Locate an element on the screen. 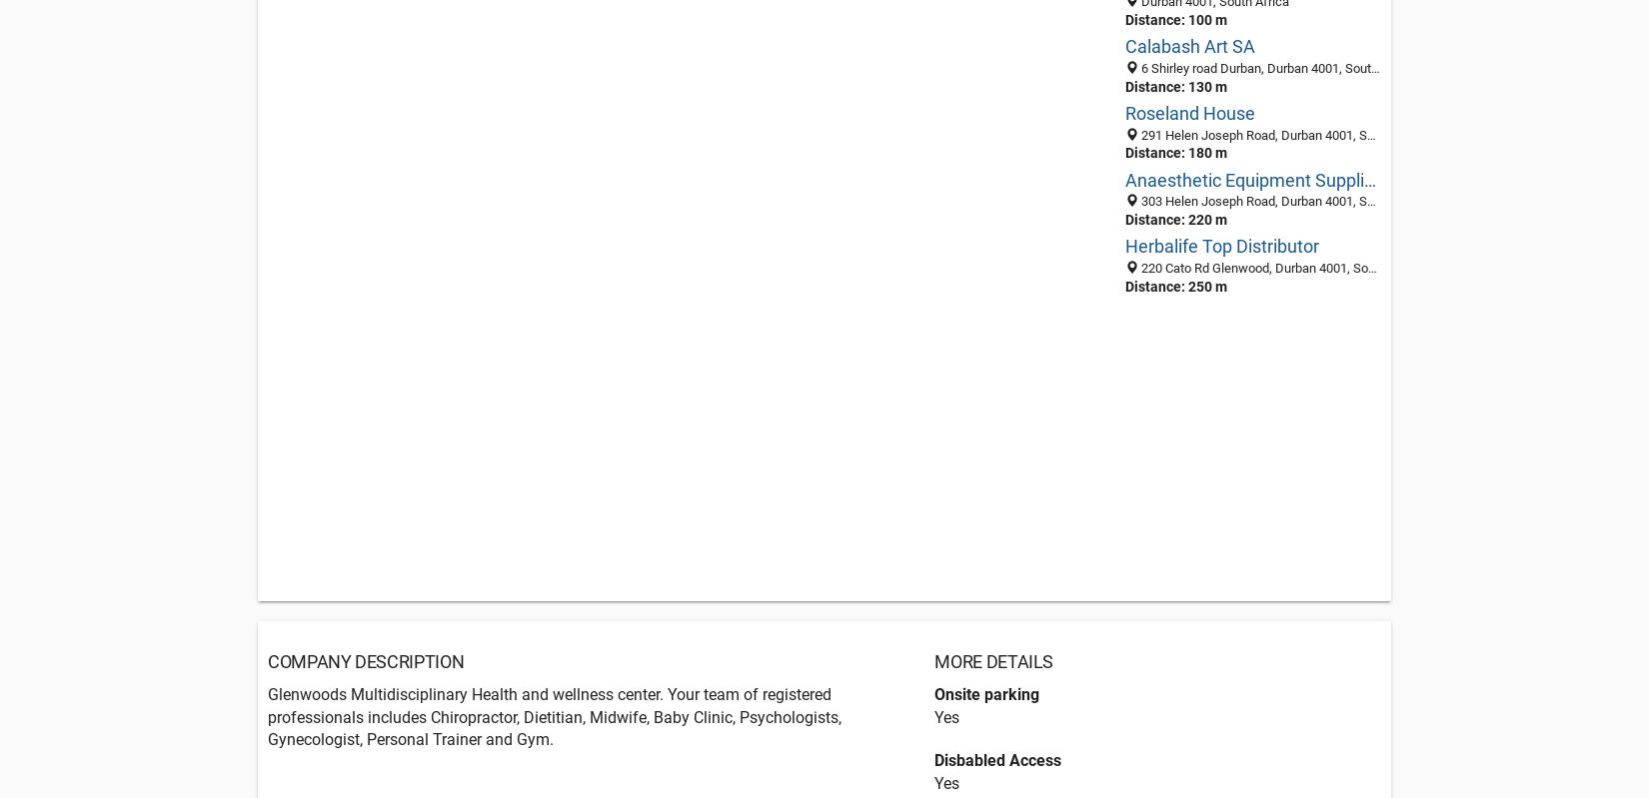  'Onsite parking' is located at coordinates (986, 694).